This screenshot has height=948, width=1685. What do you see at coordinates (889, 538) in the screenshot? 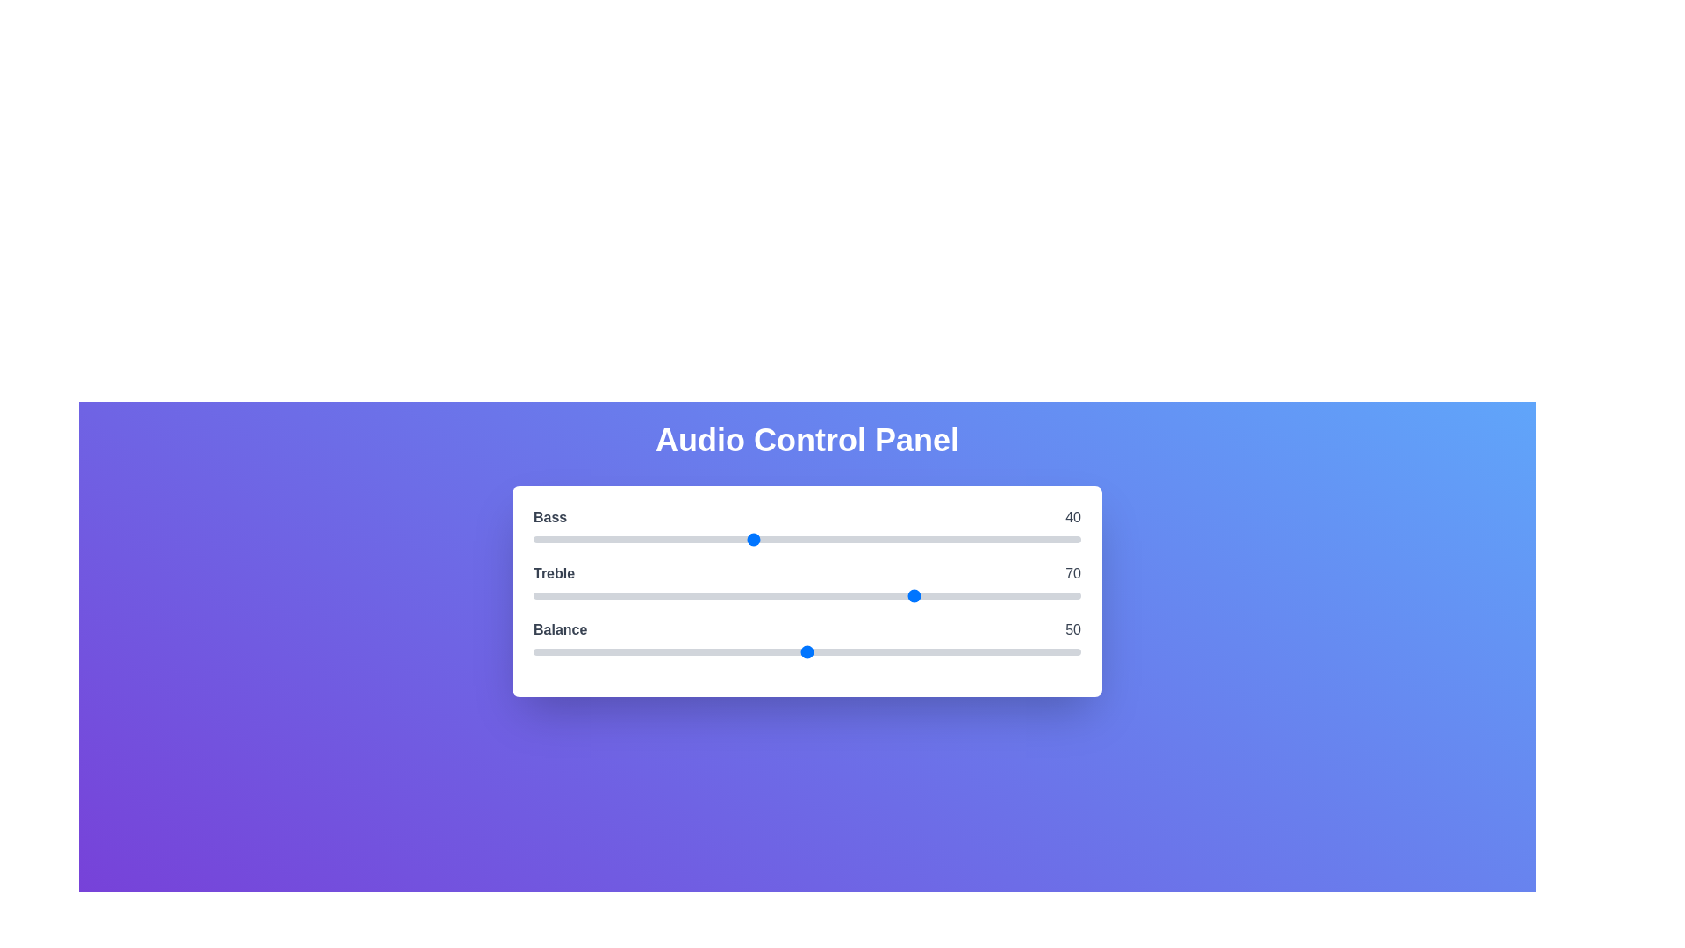
I see `the 0 slider to 65` at bounding box center [889, 538].